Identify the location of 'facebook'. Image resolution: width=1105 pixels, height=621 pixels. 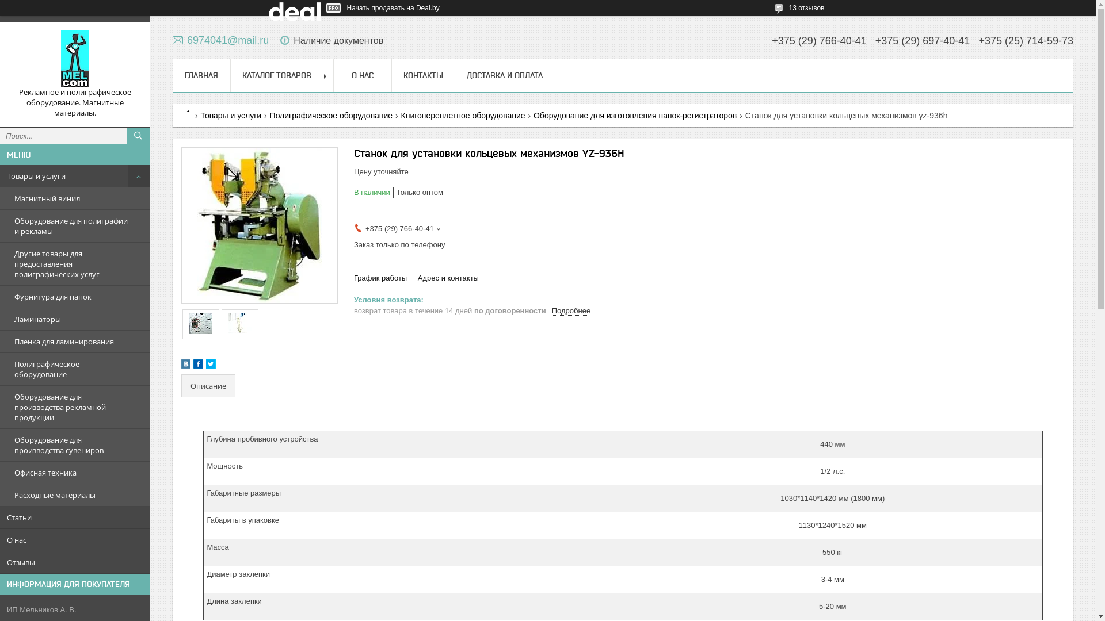
(198, 366).